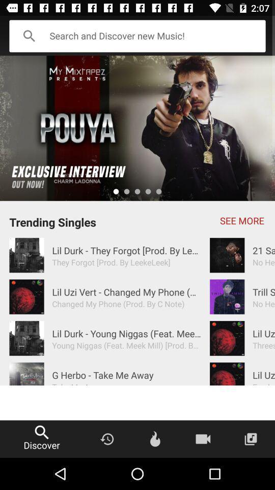 This screenshot has height=490, width=275. What do you see at coordinates (29, 36) in the screenshot?
I see `the search icon` at bounding box center [29, 36].